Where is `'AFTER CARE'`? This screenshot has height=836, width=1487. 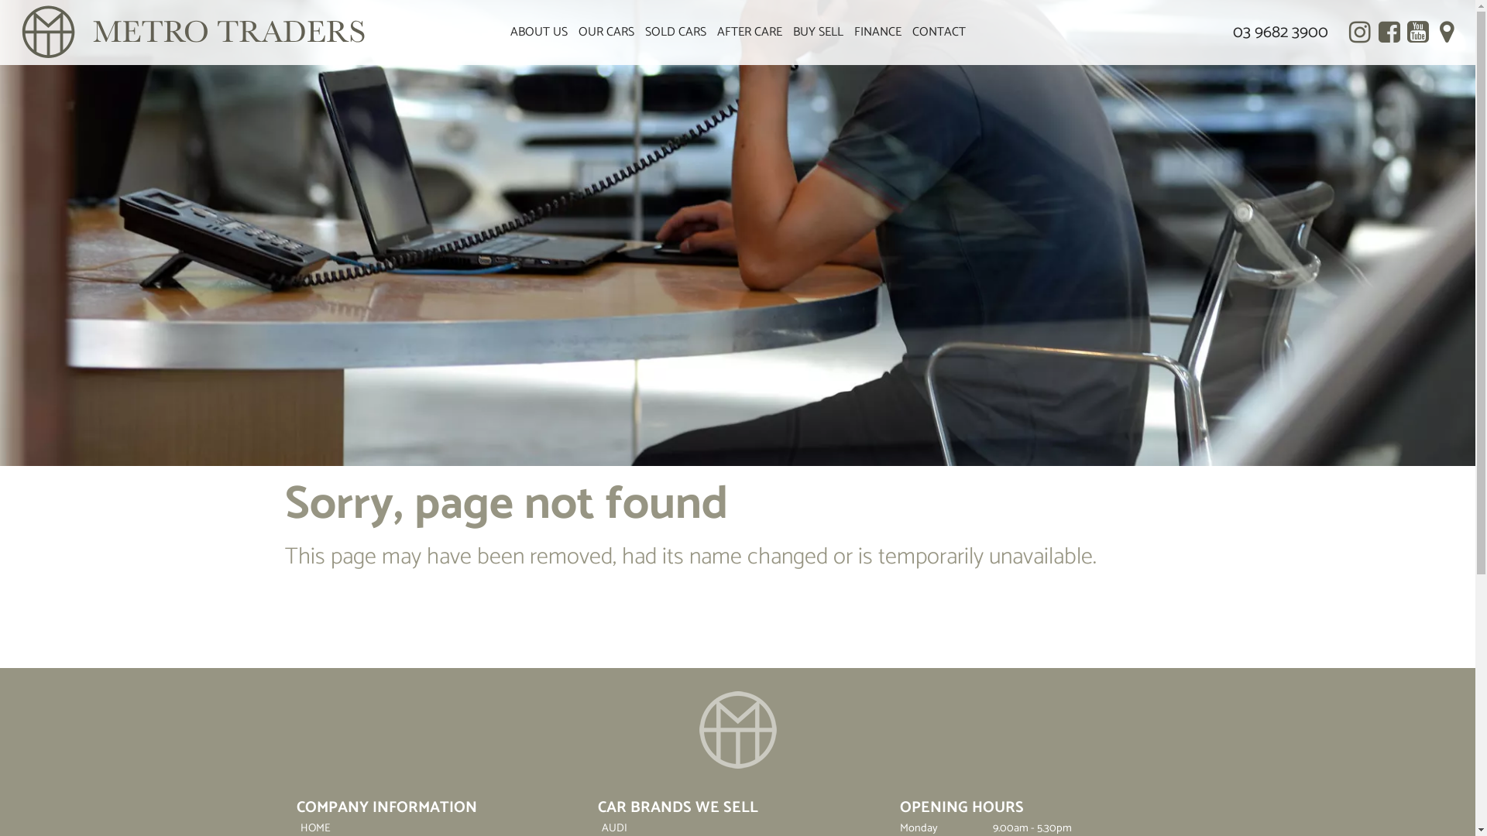 'AFTER CARE' is located at coordinates (709, 33).